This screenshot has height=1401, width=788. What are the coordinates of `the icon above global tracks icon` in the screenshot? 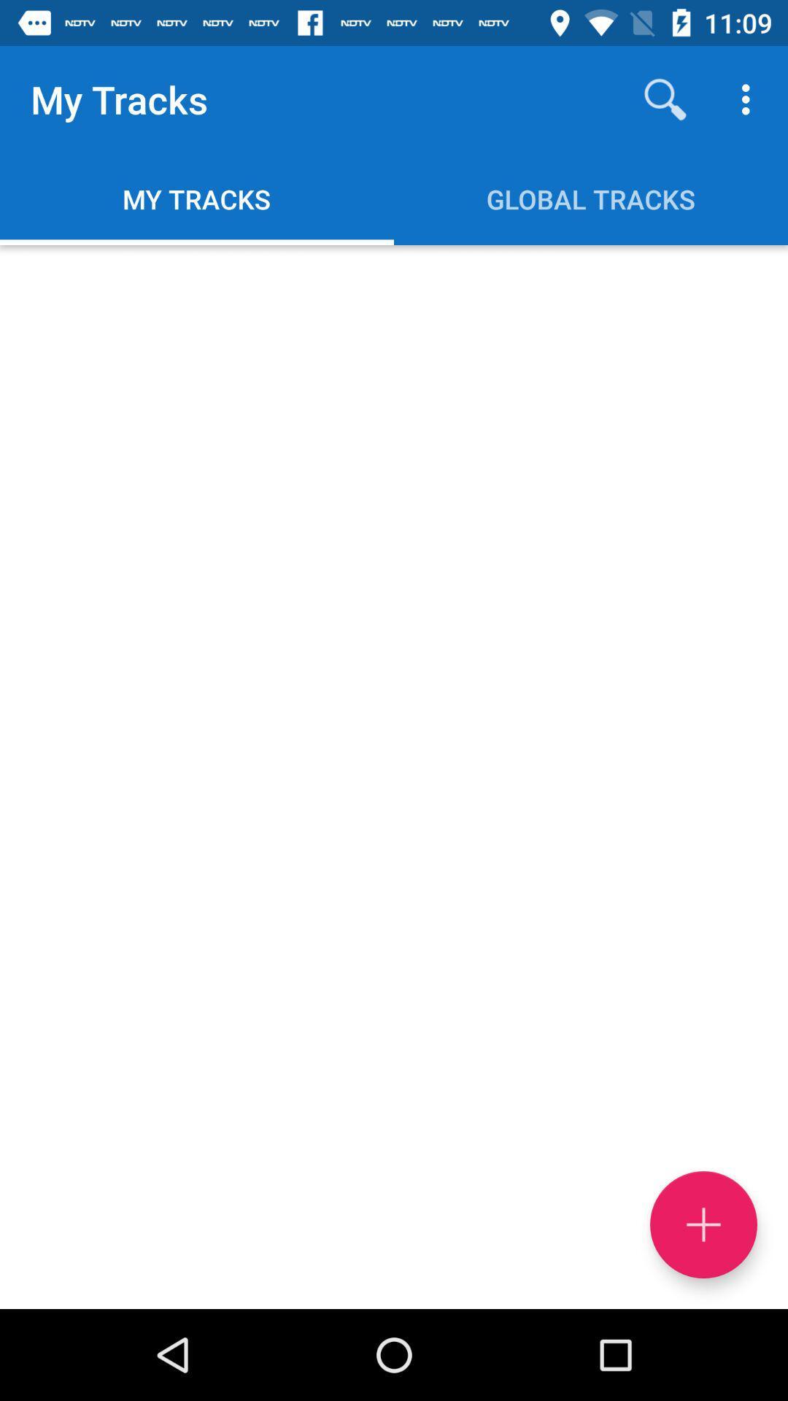 It's located at (665, 99).